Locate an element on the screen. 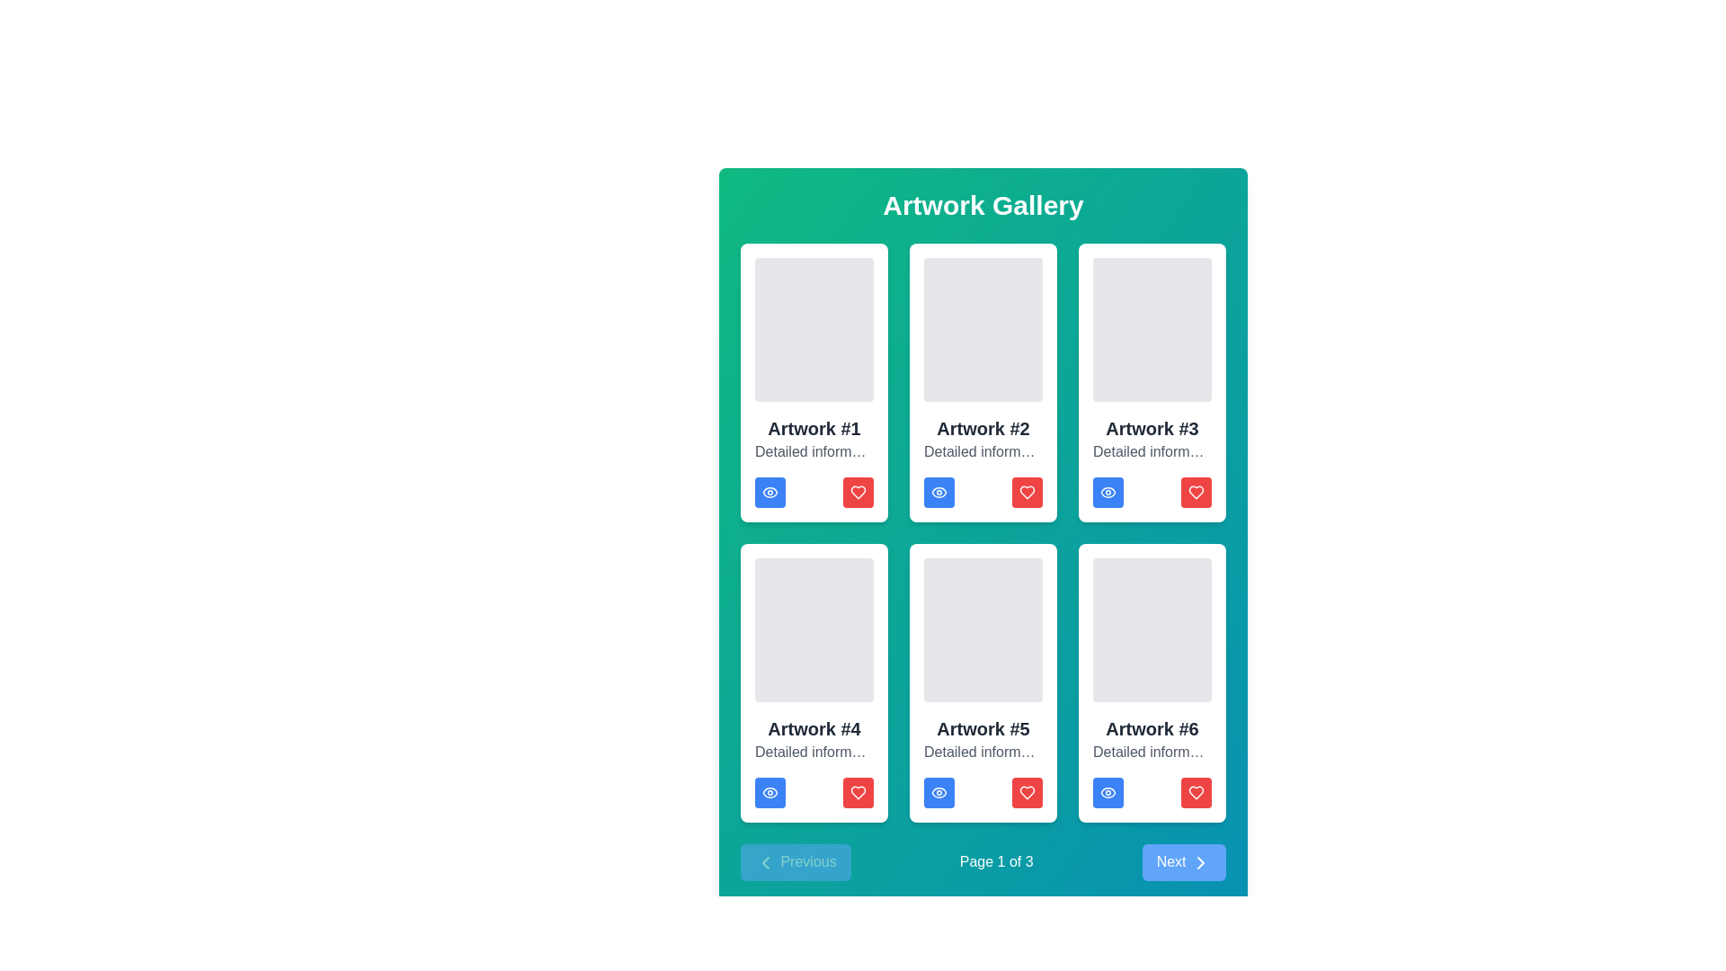 Image resolution: width=1726 pixels, height=971 pixels. the visibility button located beneath the 'Artwork #4' card description, which is the first button in a horizontal group of three buttons is located at coordinates (770, 792).